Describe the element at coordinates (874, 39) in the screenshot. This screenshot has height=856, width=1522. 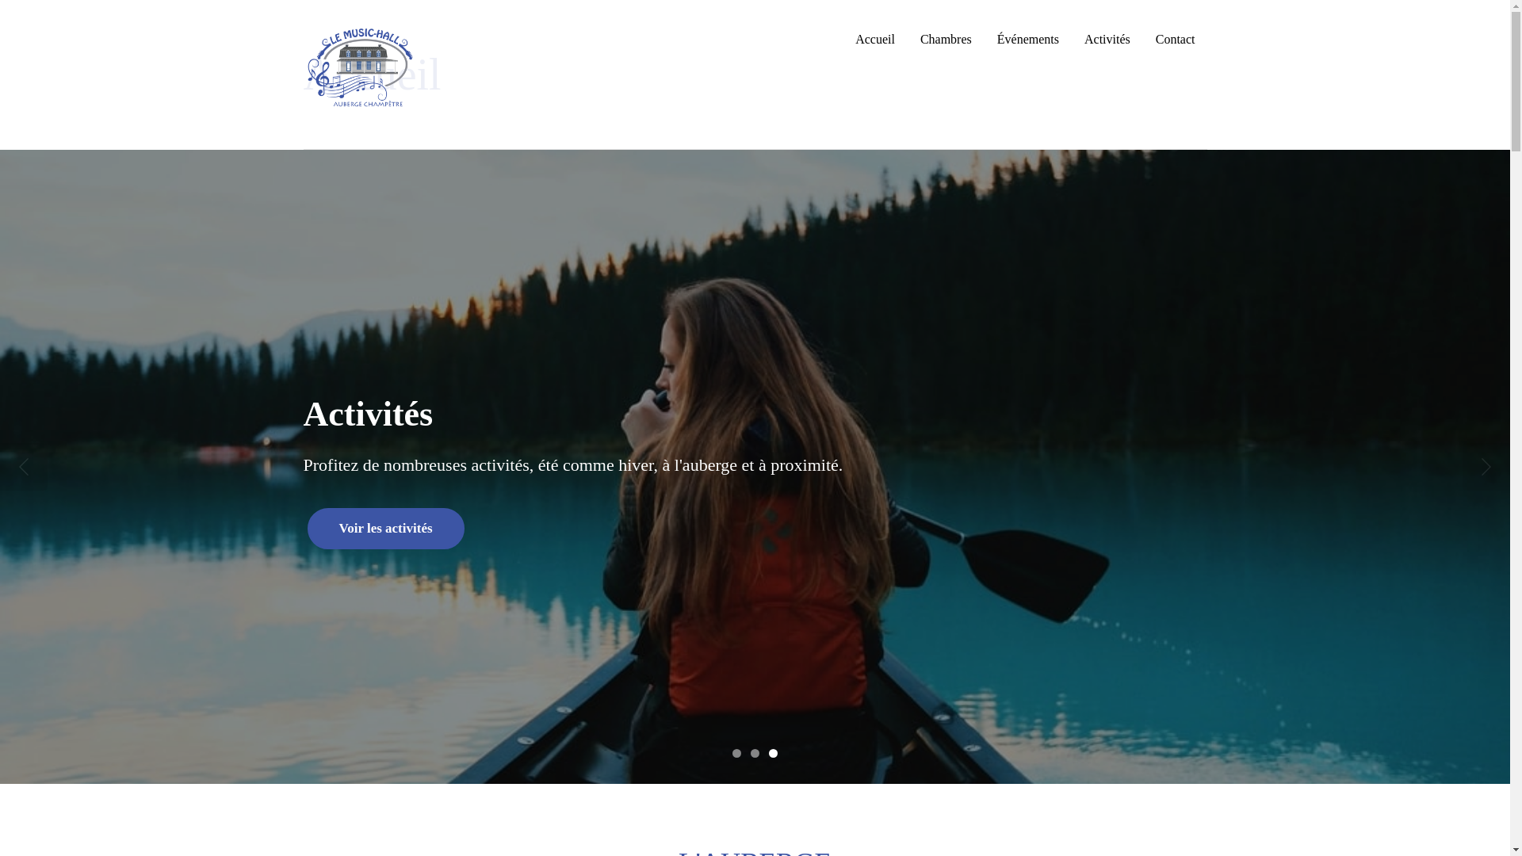
I see `'Accueil'` at that location.